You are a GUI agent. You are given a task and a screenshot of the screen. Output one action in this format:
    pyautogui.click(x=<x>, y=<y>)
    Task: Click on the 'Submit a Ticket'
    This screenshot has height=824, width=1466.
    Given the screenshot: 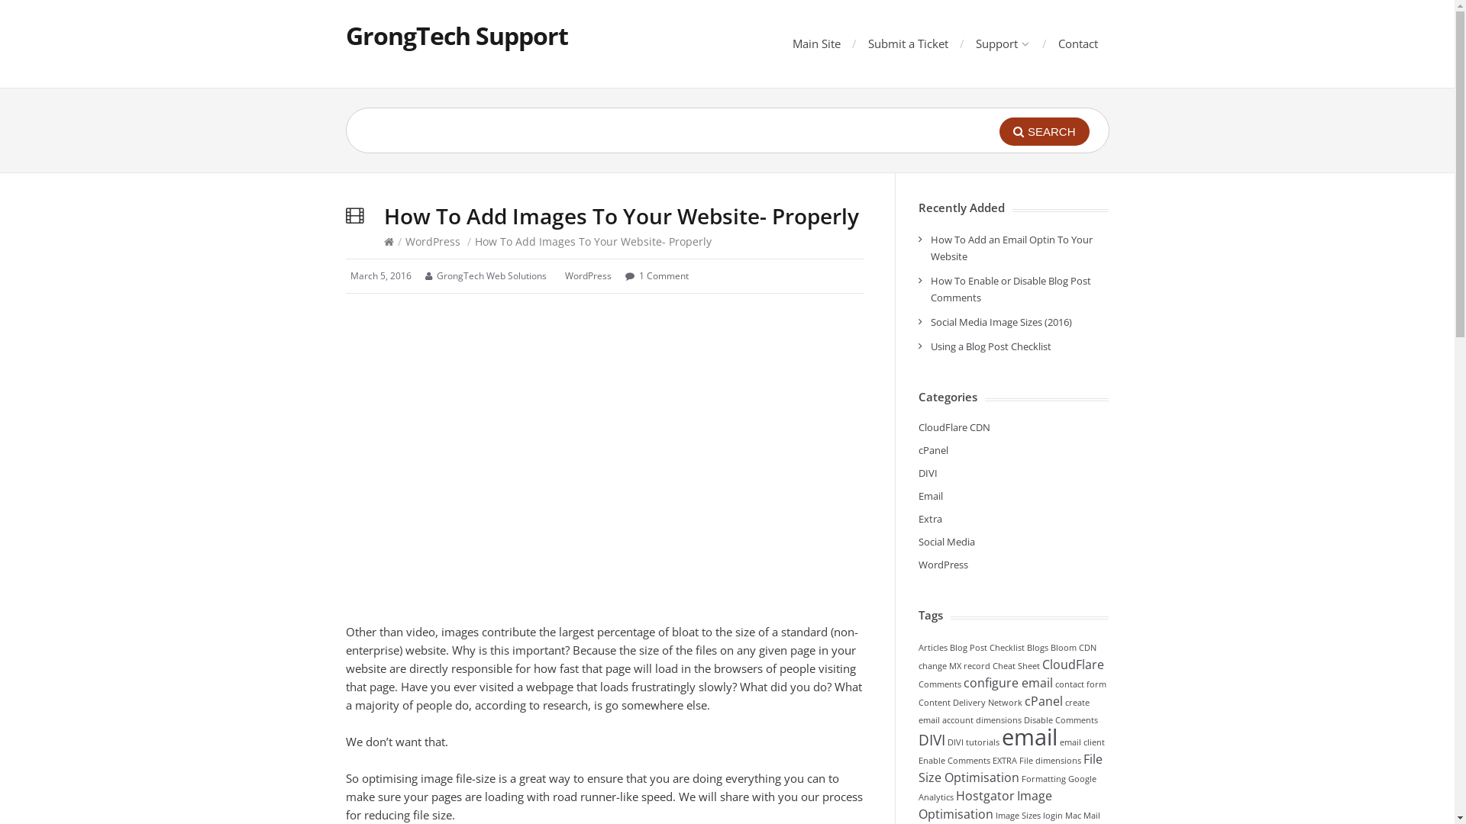 What is the action you would take?
    pyautogui.click(x=907, y=43)
    